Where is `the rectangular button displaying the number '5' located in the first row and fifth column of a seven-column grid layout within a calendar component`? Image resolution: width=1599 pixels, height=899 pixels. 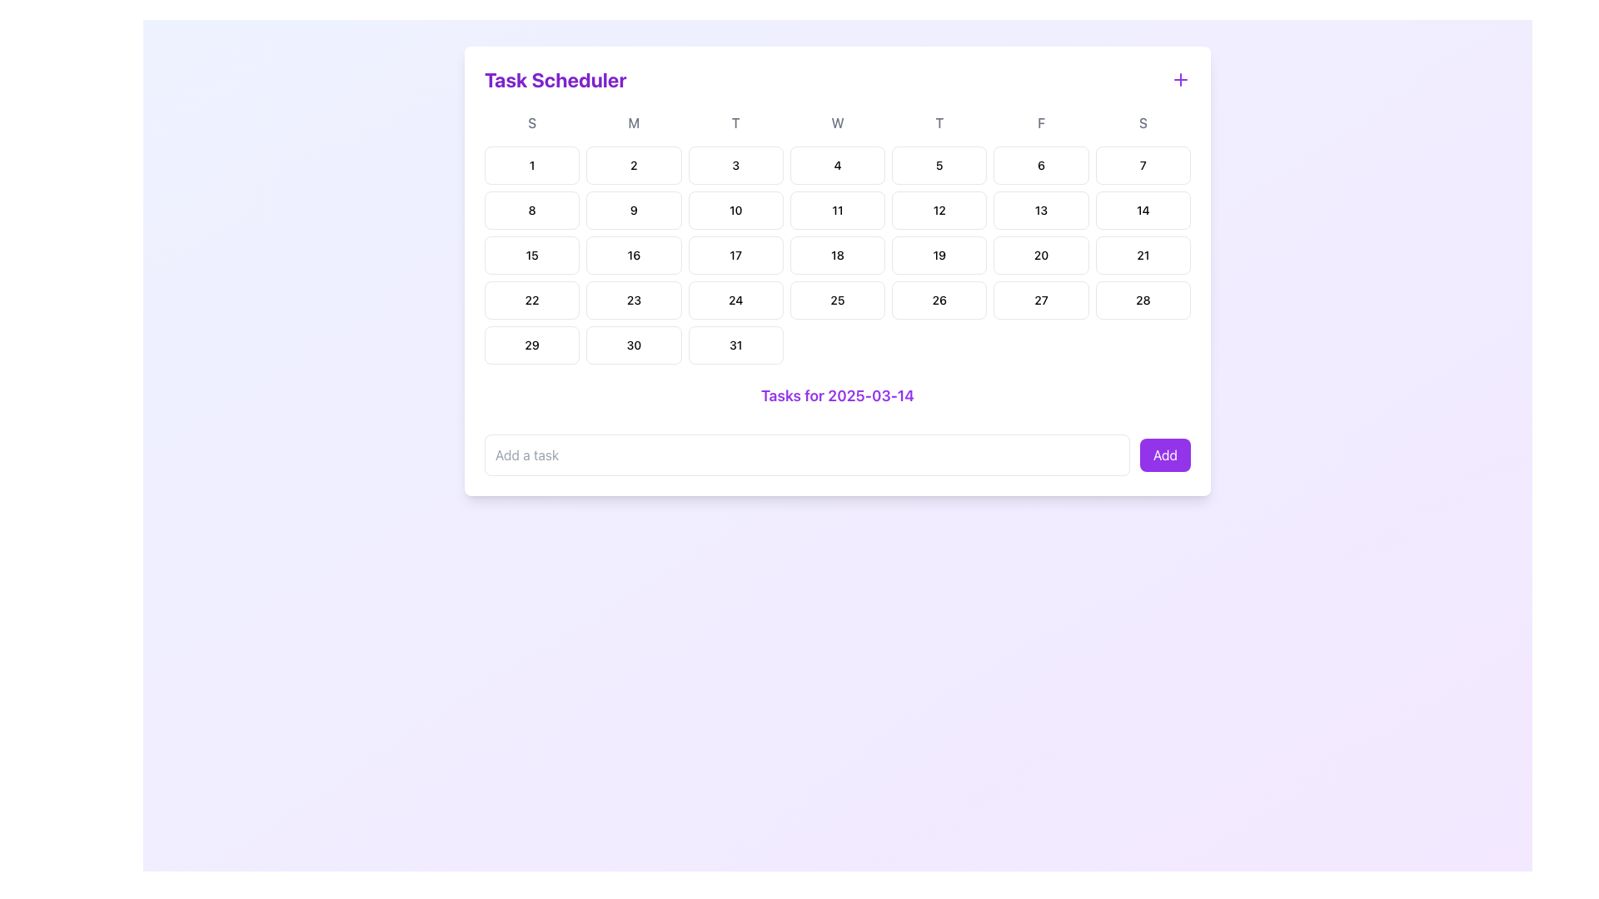 the rectangular button displaying the number '5' located in the first row and fifth column of a seven-column grid layout within a calendar component is located at coordinates (939, 166).